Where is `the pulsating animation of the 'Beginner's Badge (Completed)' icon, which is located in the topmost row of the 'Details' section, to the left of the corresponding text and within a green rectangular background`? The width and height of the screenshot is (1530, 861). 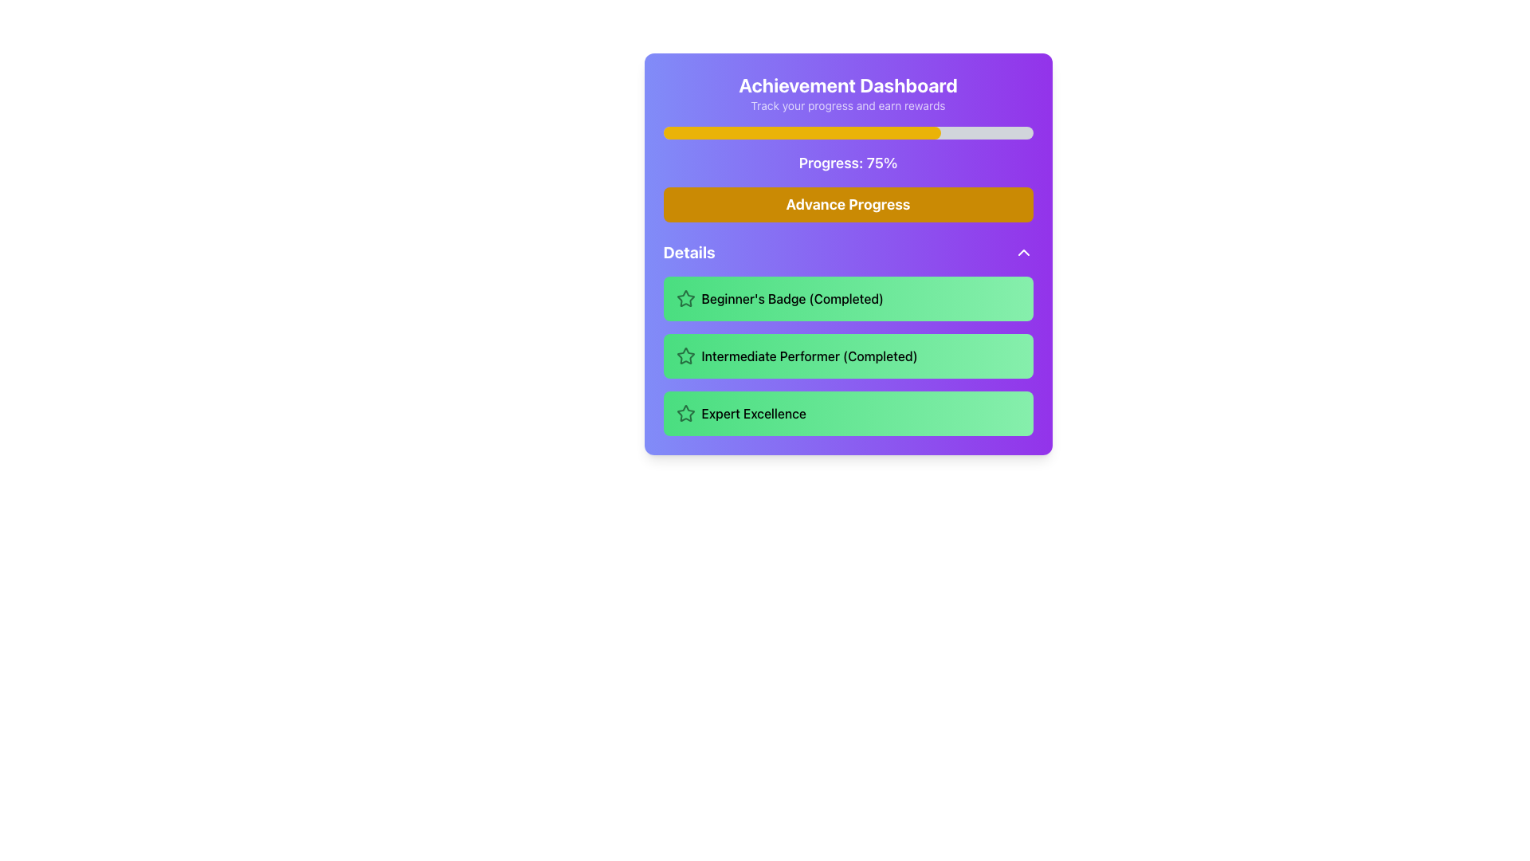
the pulsating animation of the 'Beginner's Badge (Completed)' icon, which is located in the topmost row of the 'Details' section, to the left of the corresponding text and within a green rectangular background is located at coordinates (685, 298).